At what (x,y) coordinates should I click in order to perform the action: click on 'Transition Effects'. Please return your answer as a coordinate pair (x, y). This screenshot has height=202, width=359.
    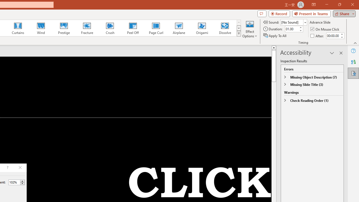
    Looking at the image, I should click on (239, 34).